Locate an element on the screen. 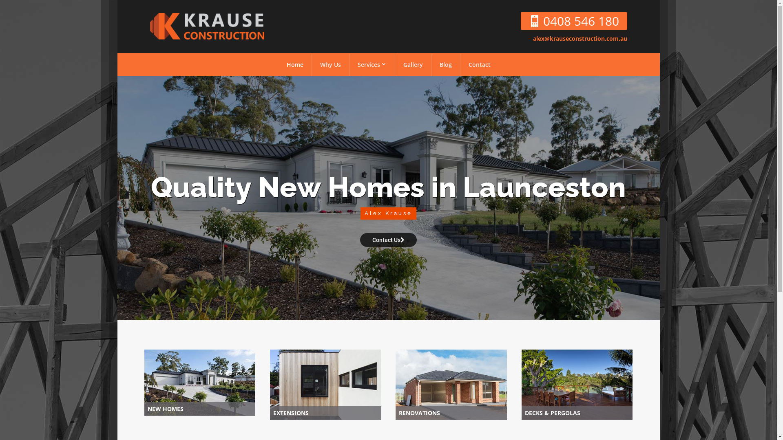 This screenshot has width=783, height=440. 'Why Us' is located at coordinates (330, 64).